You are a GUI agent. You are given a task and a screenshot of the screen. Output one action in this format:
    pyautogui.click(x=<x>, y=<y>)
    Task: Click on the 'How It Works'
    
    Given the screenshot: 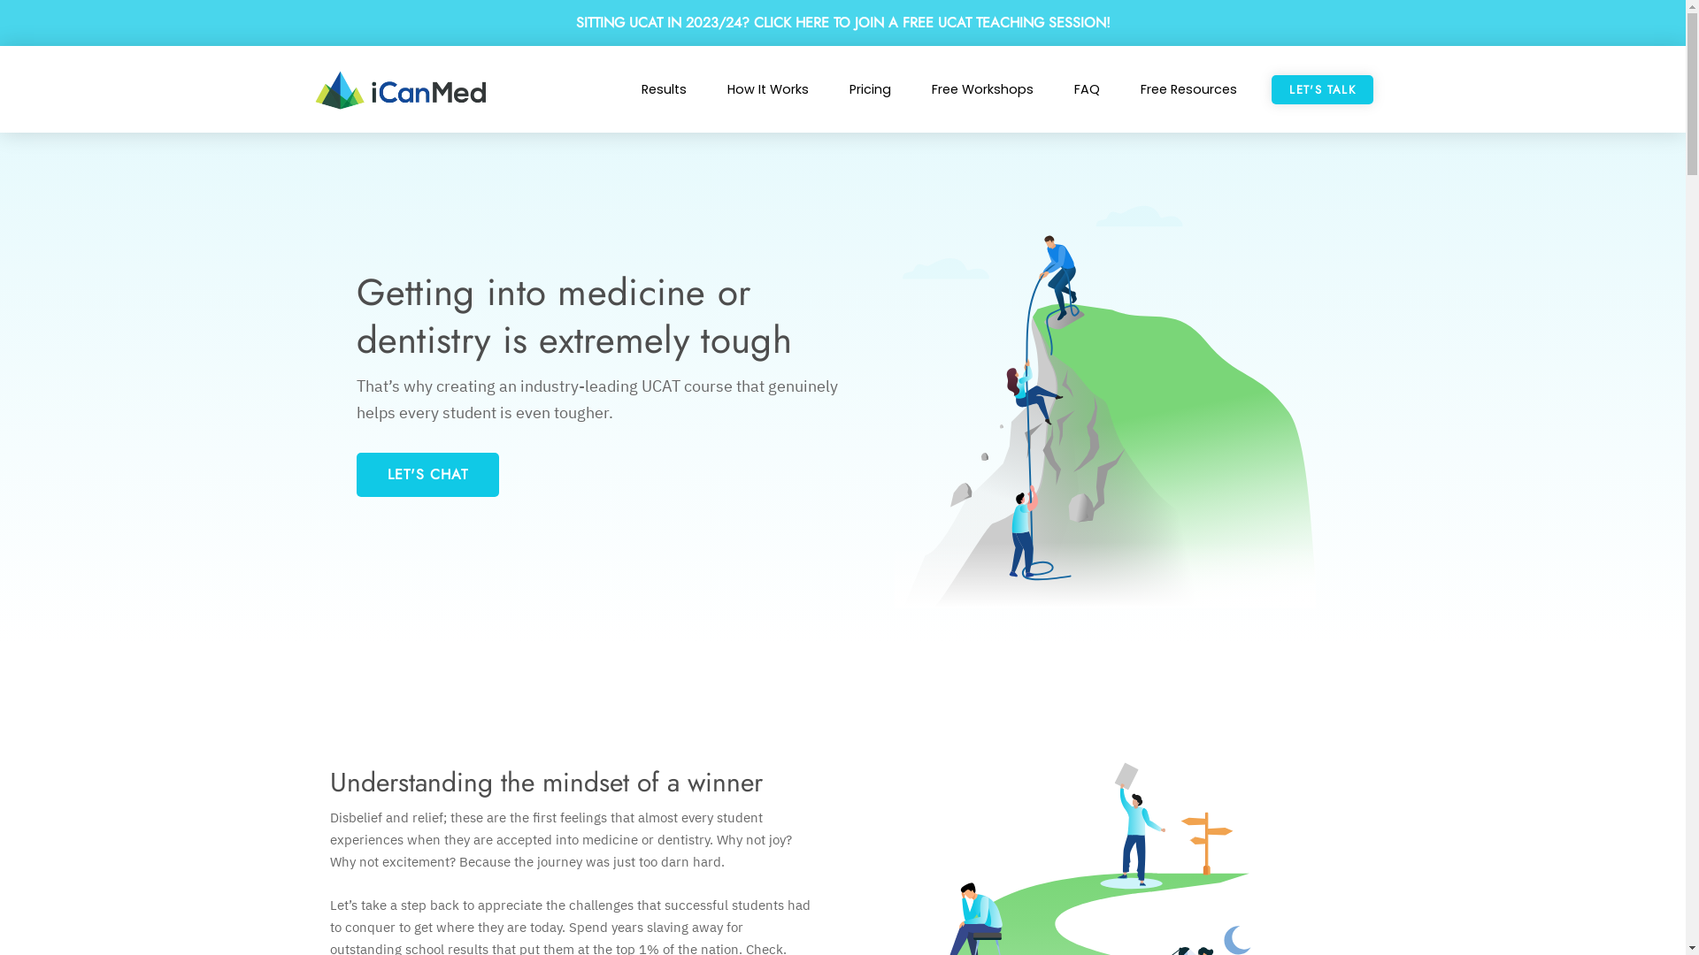 What is the action you would take?
    pyautogui.click(x=768, y=88)
    